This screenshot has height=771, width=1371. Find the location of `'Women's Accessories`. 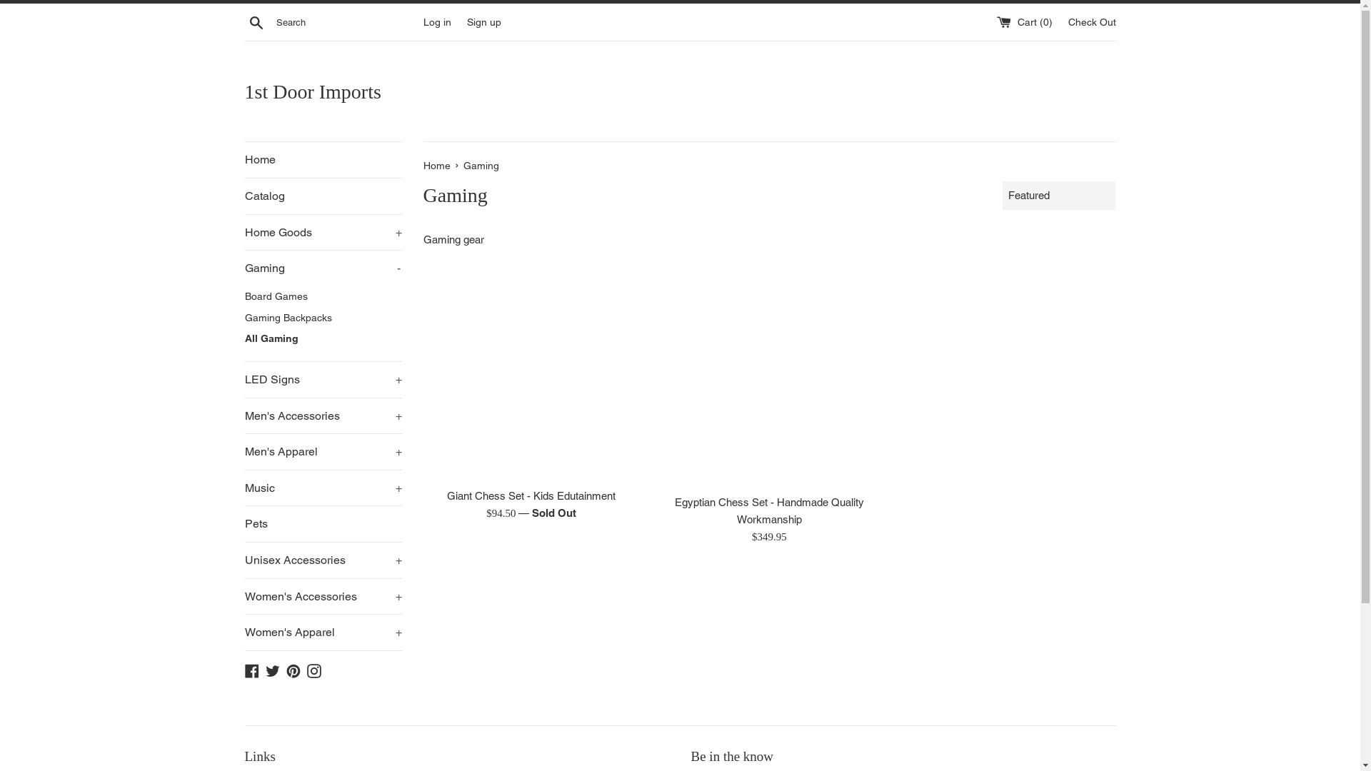

'Women's Accessories is located at coordinates (321, 597).